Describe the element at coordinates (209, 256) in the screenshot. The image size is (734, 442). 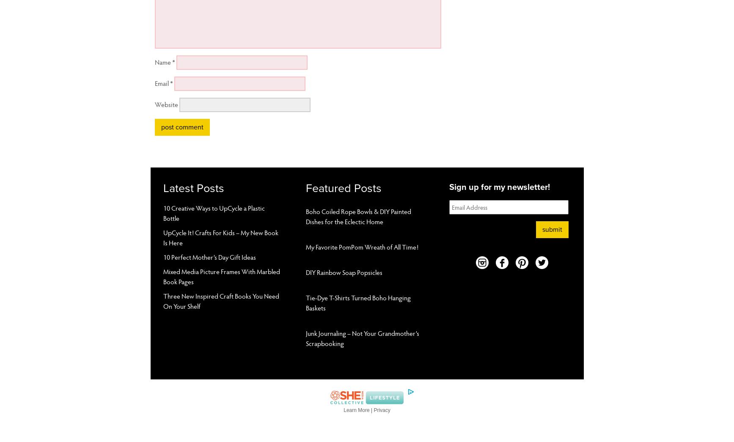
I see `'10 Perfect Mother’s Day Gift Ideas'` at that location.